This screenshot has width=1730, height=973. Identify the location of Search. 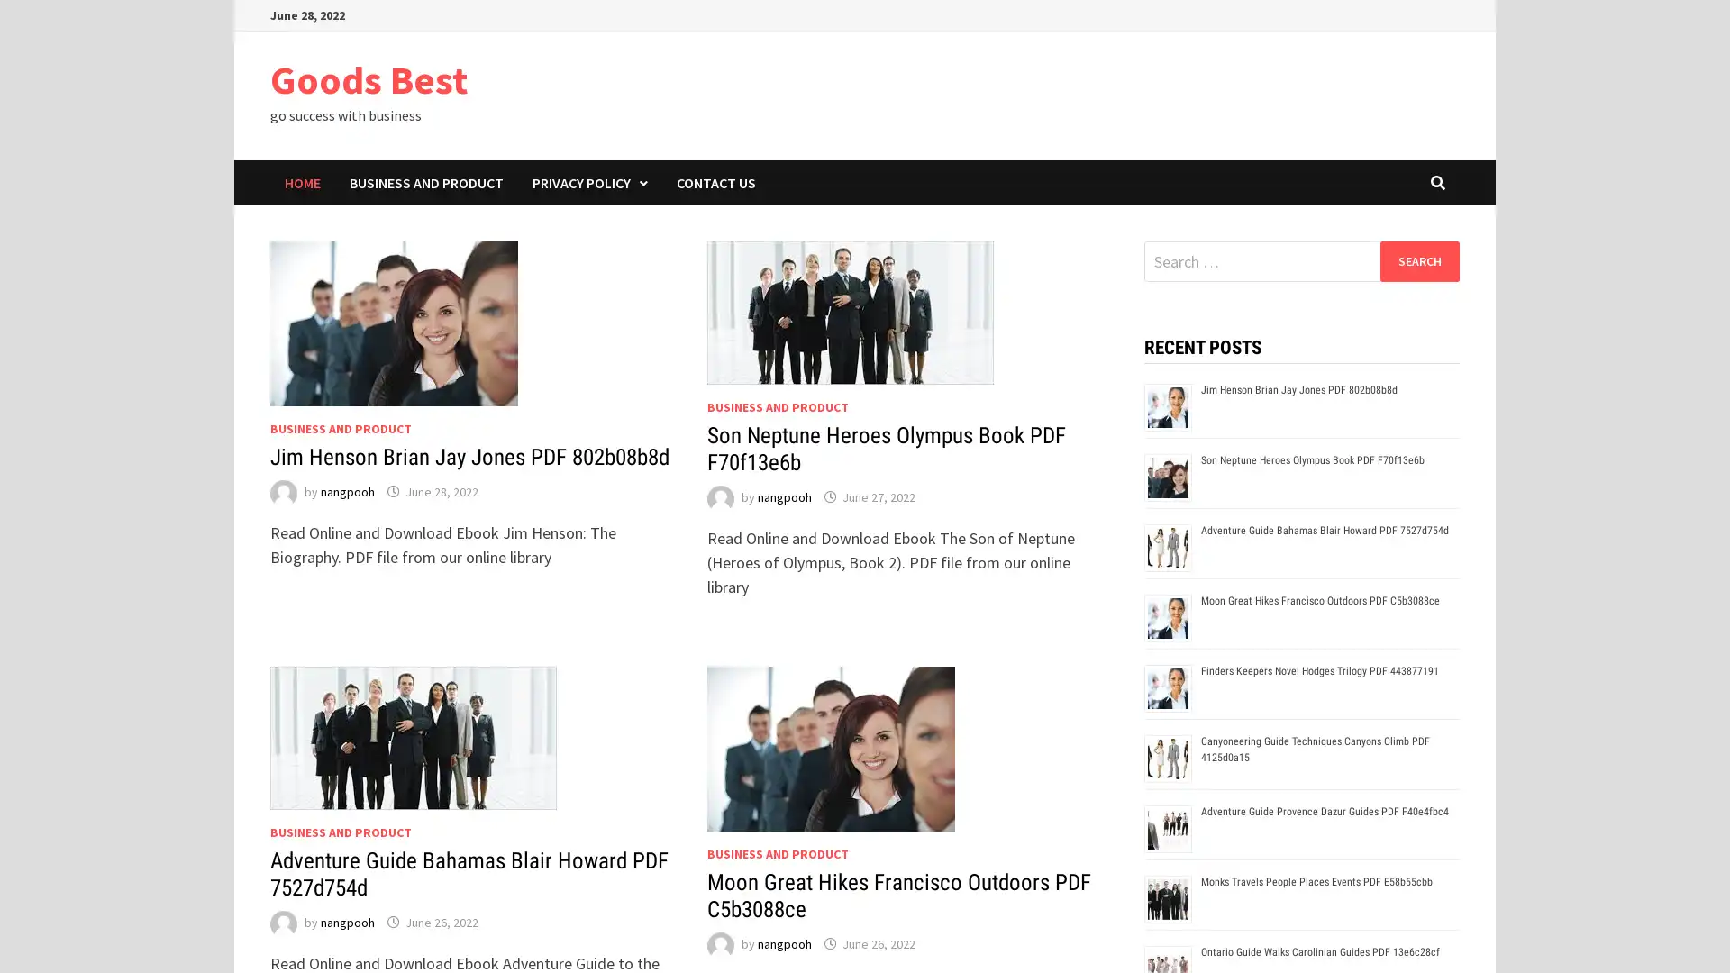
(1418, 260).